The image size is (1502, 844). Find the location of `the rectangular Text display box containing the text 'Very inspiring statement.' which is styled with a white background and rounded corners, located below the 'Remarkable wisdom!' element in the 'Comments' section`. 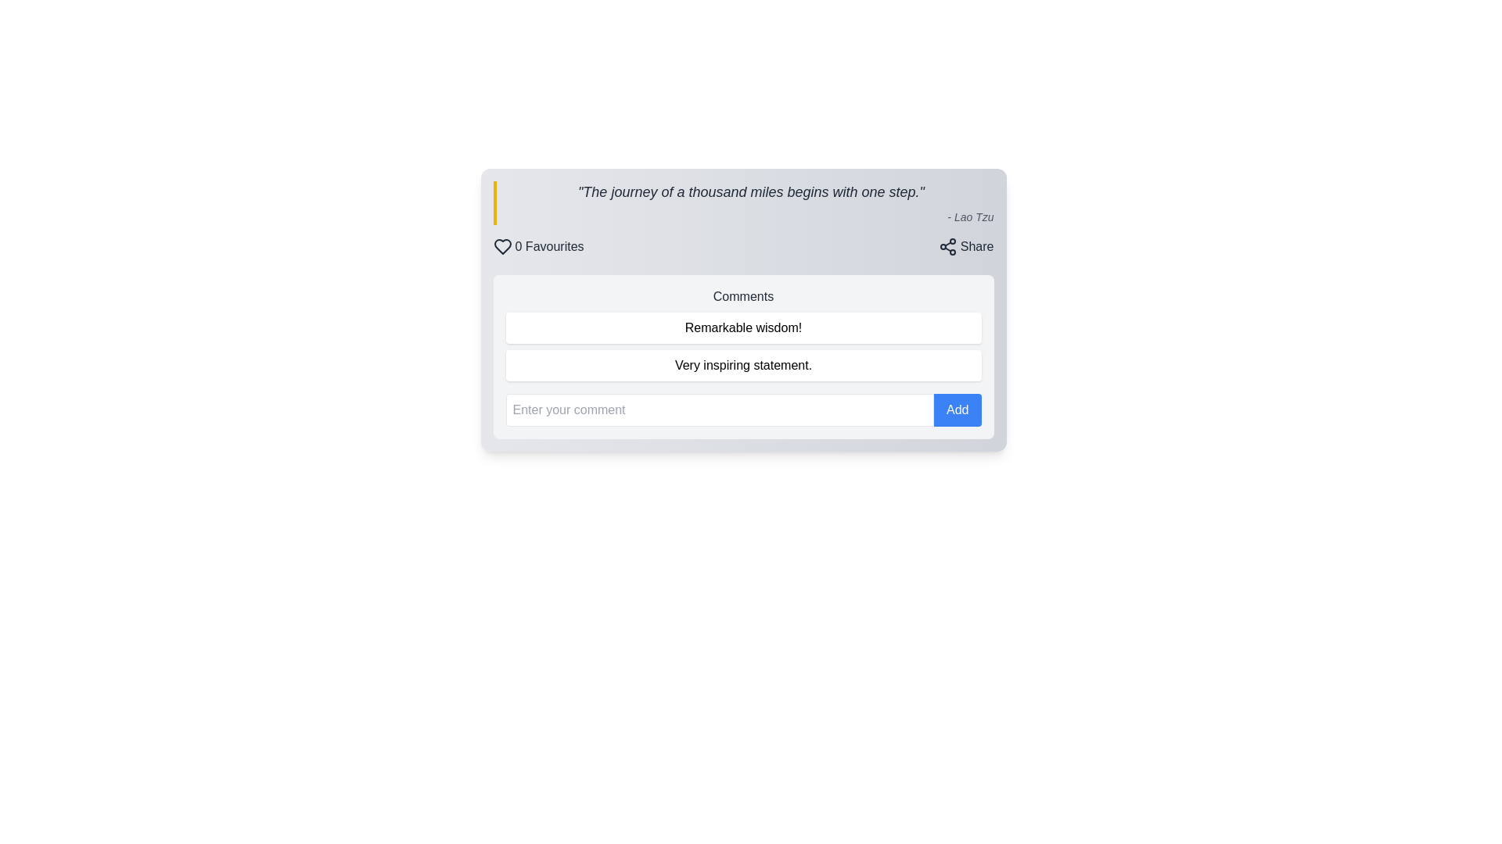

the rectangular Text display box containing the text 'Very inspiring statement.' which is styled with a white background and rounded corners, located below the 'Remarkable wisdom!' element in the 'Comments' section is located at coordinates (742, 365).